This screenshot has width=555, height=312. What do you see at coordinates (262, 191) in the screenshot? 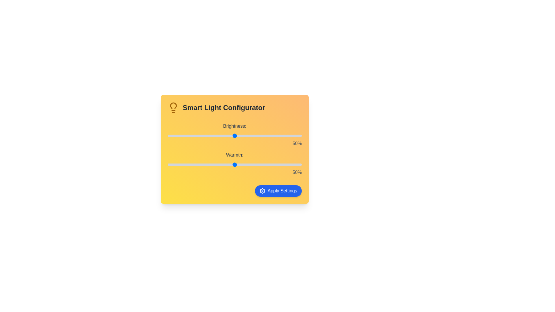
I see `the gear-like icon, which is styled in white atop a blue circular background, located at the leftmost side of the 'Apply Settings' button` at bounding box center [262, 191].